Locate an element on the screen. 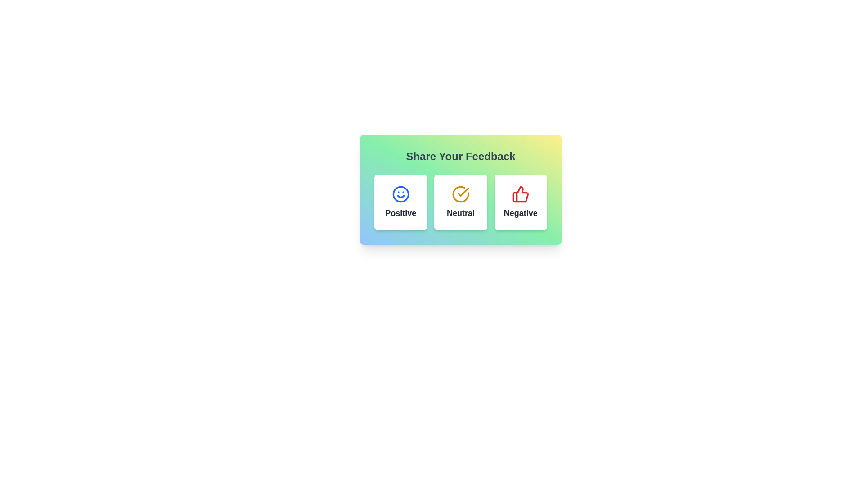  the innermost circle of the smiley face icon representing positive feedback is located at coordinates (400, 194).